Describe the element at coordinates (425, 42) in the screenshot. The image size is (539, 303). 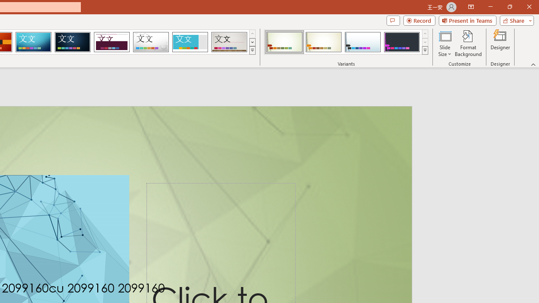
I see `'Row Down'` at that location.